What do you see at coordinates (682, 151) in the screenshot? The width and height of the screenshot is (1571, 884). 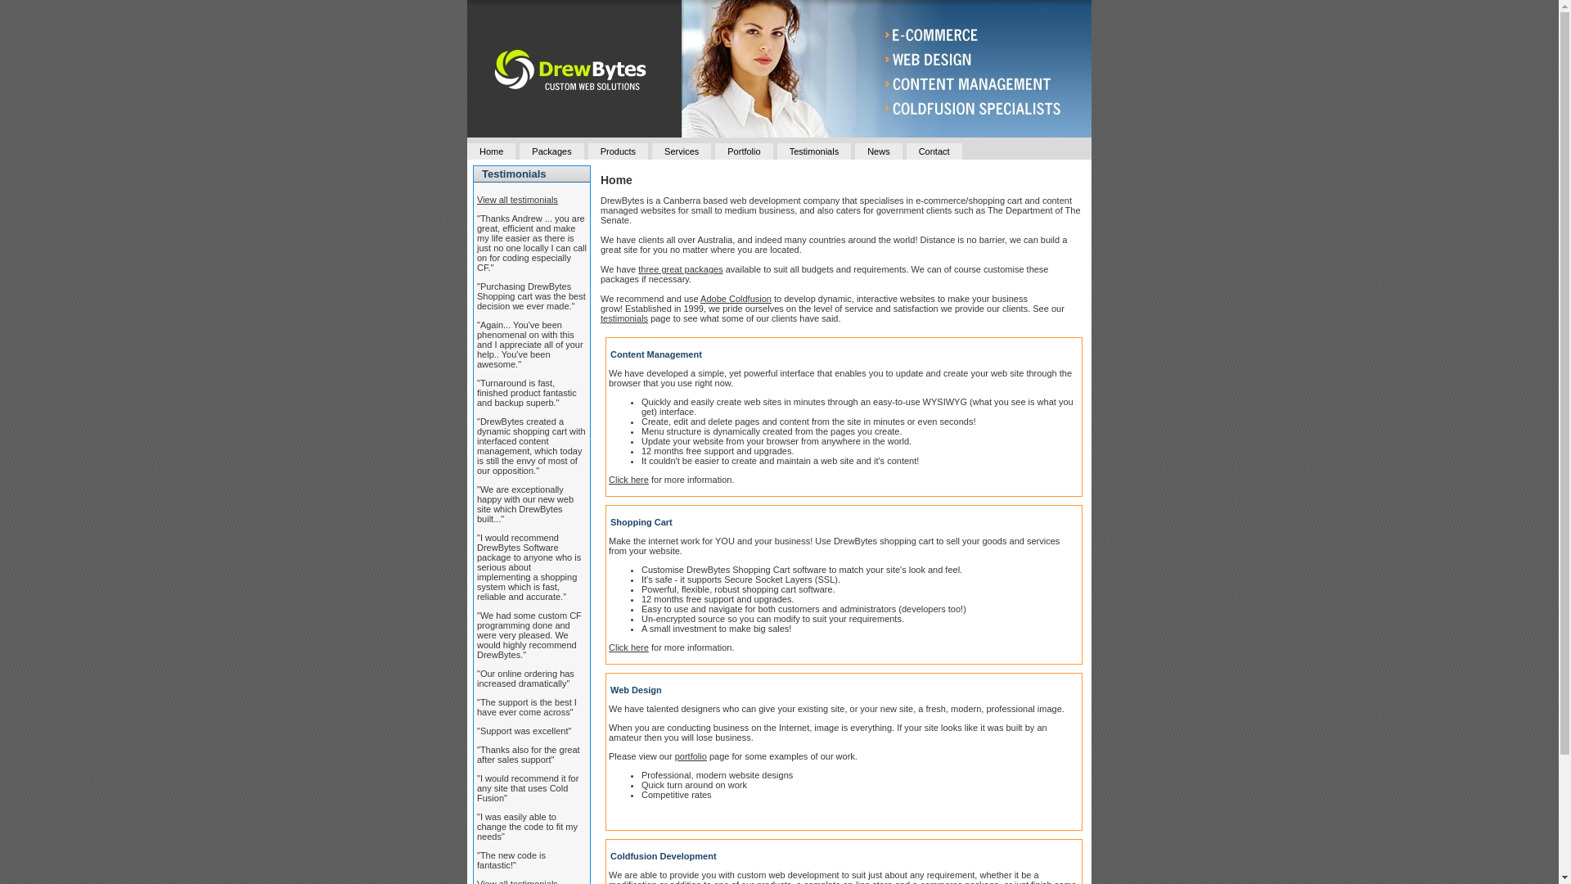 I see `'Services'` at bounding box center [682, 151].